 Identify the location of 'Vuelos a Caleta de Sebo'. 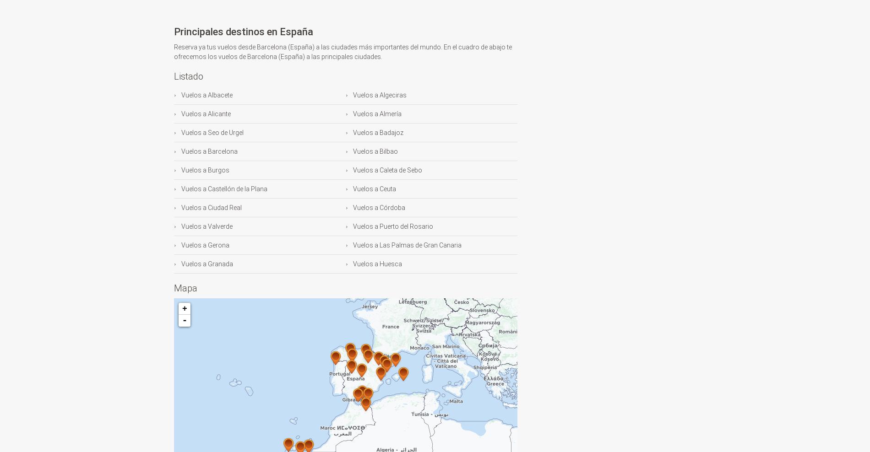
(386, 169).